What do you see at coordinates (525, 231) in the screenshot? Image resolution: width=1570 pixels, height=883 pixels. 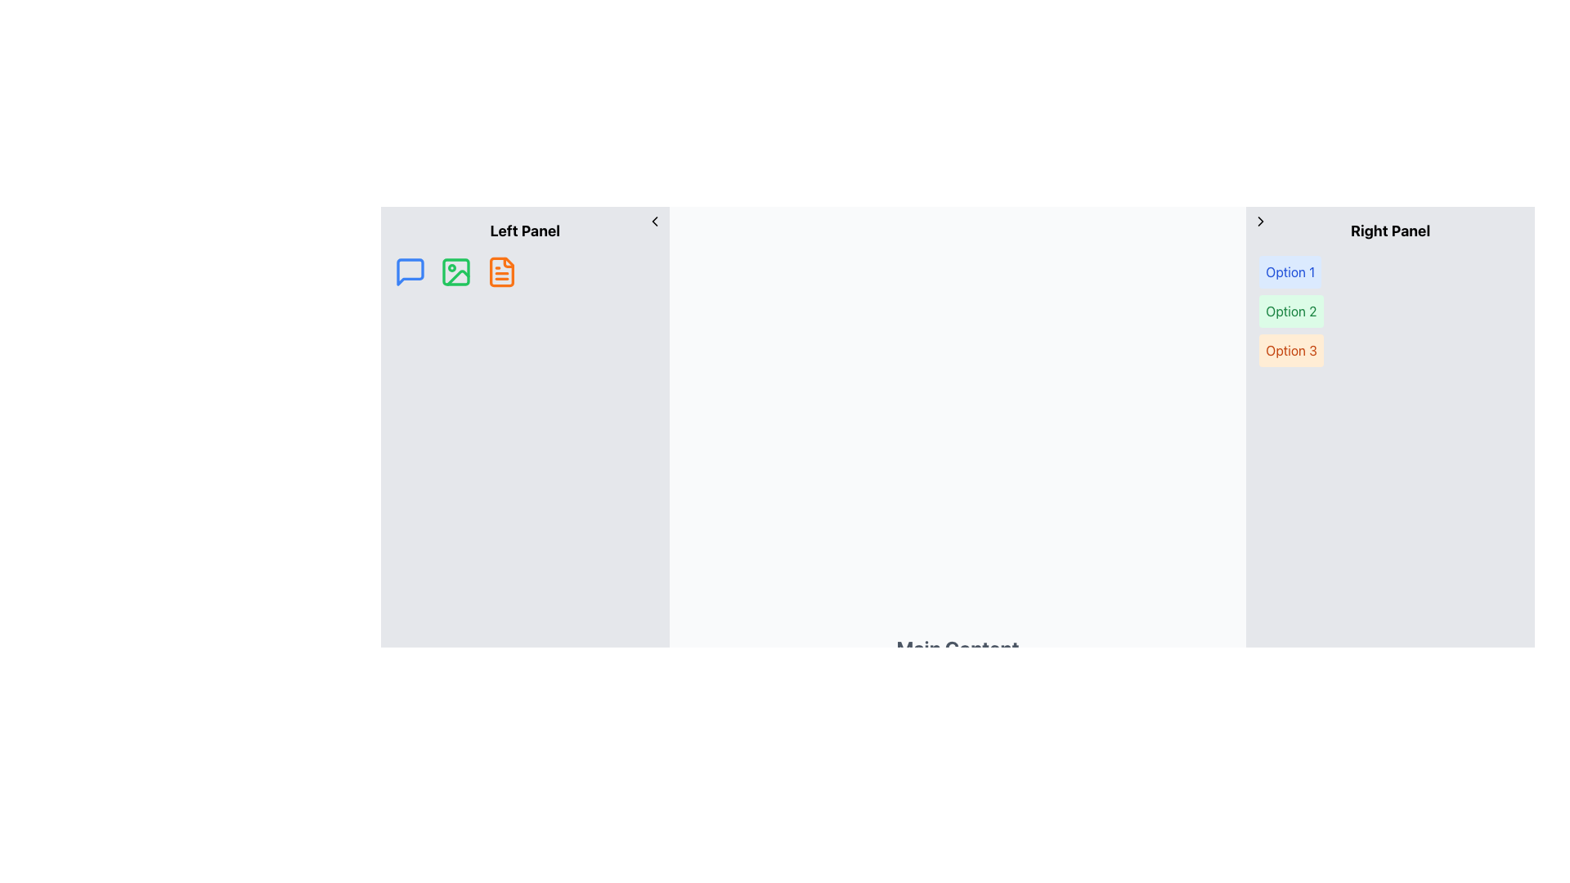 I see `the 'Left Panel' text label, which is a bold text element positioned at the top-left of the interface above a row of icons` at bounding box center [525, 231].